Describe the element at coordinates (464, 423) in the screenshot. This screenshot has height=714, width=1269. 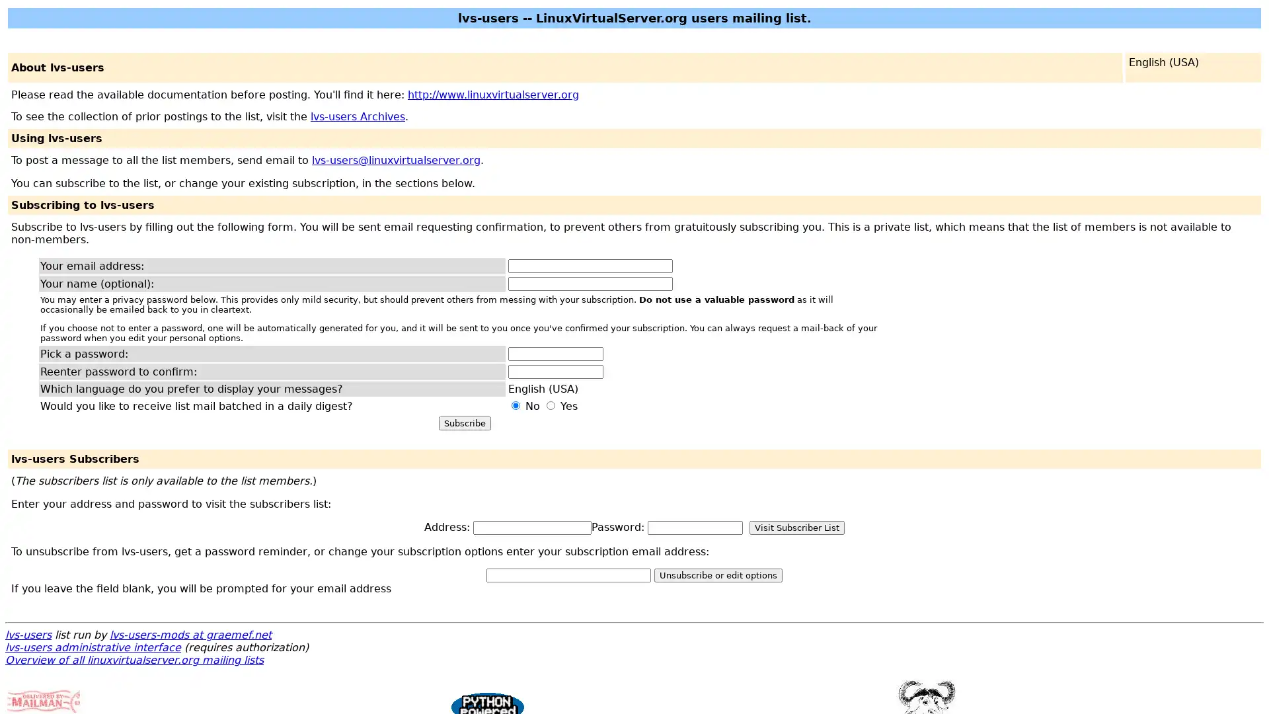
I see `Subscribe` at that location.